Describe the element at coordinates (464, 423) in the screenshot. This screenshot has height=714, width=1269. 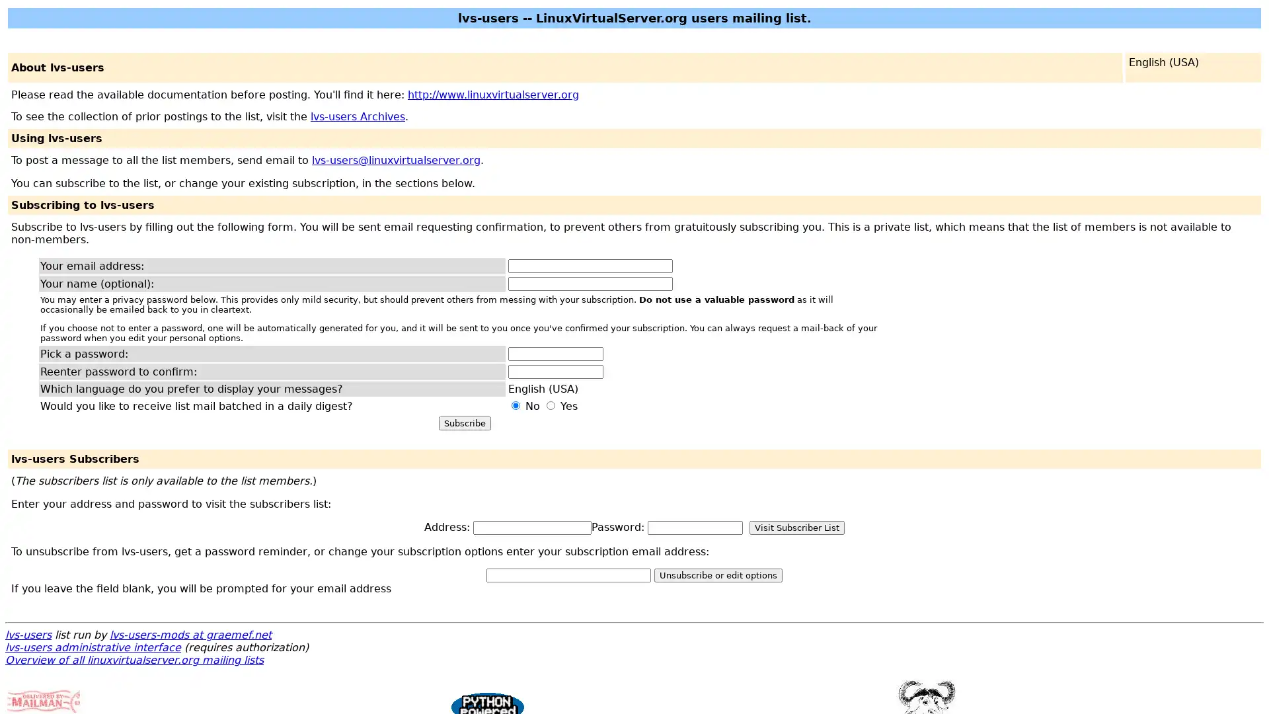
I see `Subscribe` at that location.